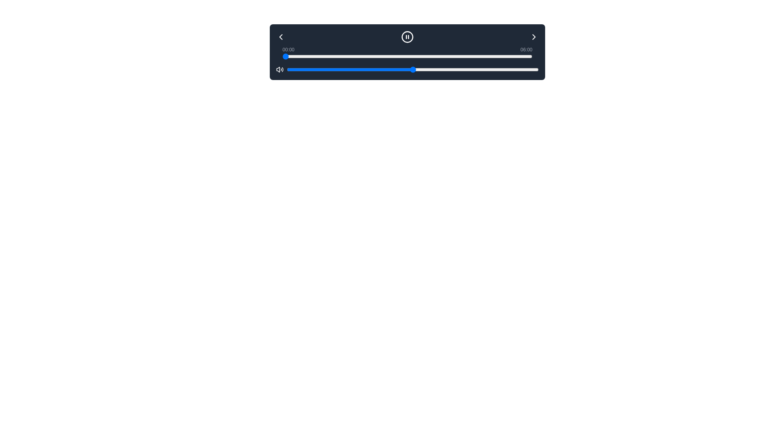 Image resolution: width=764 pixels, height=430 pixels. I want to click on the progress bar of the multimedia control interface to change the playback position, so click(407, 52).